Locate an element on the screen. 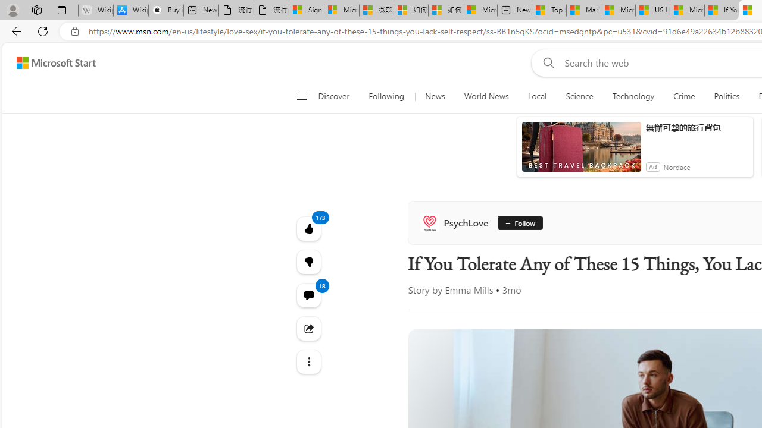 The image size is (762, 428). 'Share this story' is located at coordinates (308, 328).